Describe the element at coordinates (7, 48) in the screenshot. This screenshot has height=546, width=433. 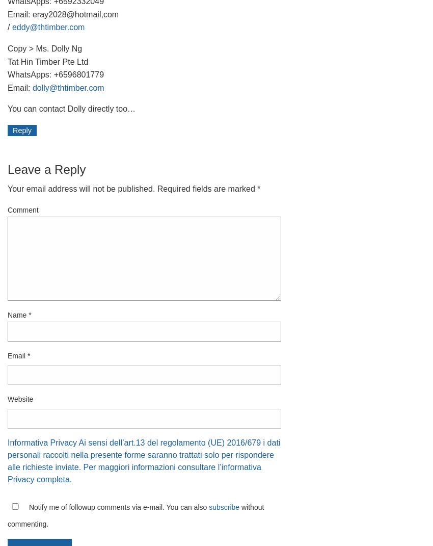
I see `'Copy > Ms. Dolly Ng'` at that location.